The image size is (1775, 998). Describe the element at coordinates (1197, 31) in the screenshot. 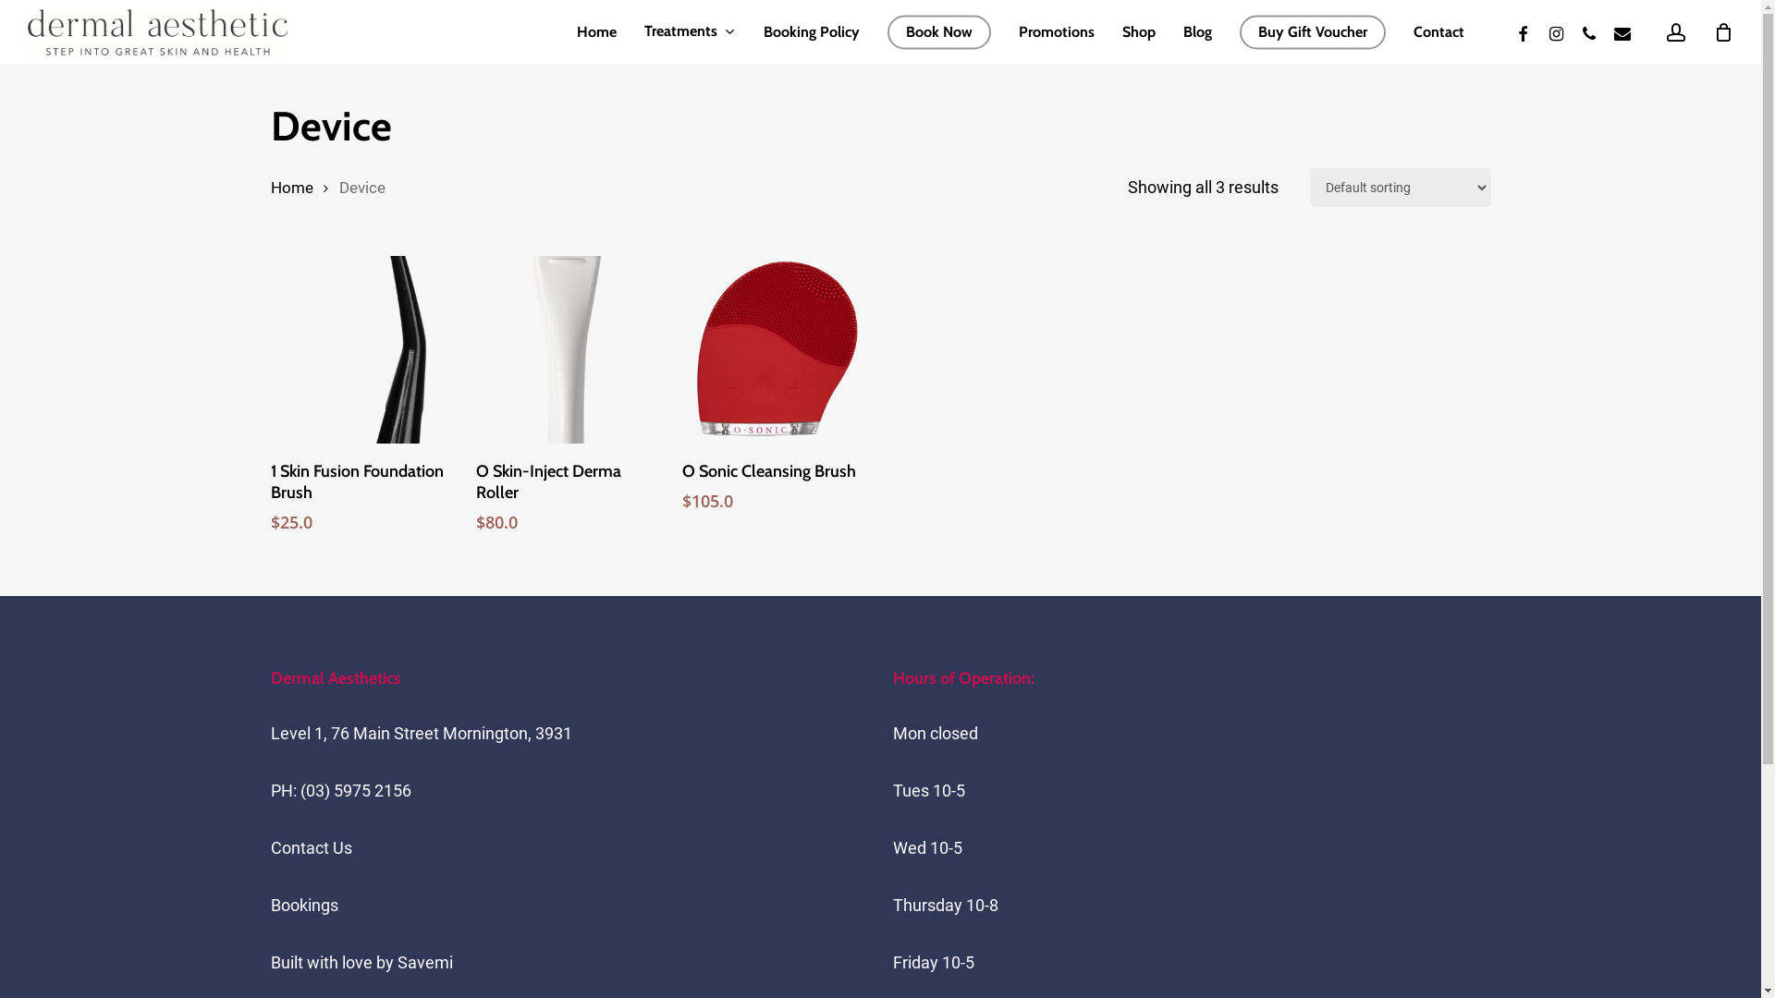

I see `'Blog'` at that location.